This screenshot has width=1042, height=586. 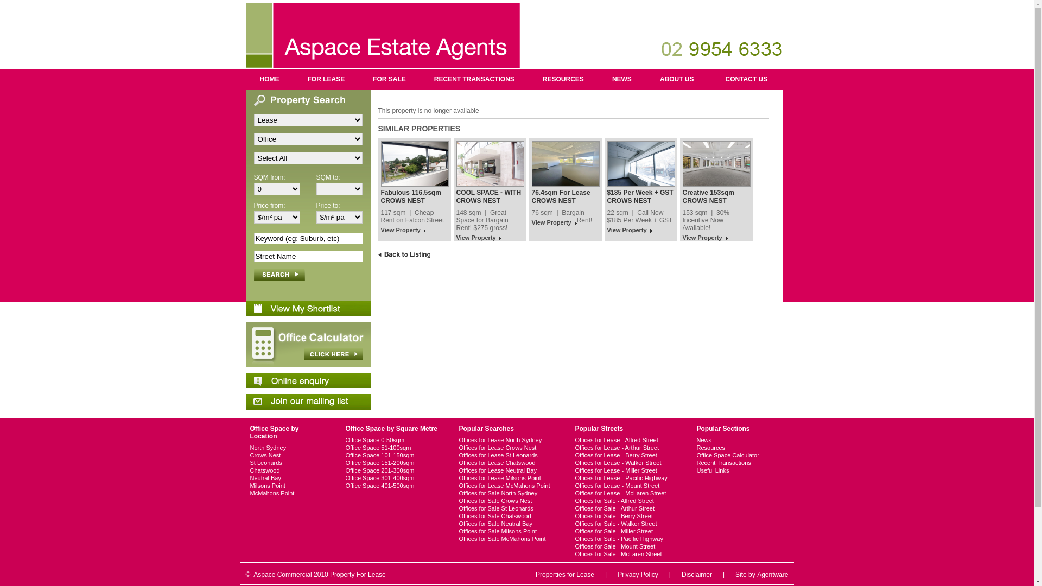 I want to click on 'Offices for Sale McMahons Point', so click(x=507, y=538).